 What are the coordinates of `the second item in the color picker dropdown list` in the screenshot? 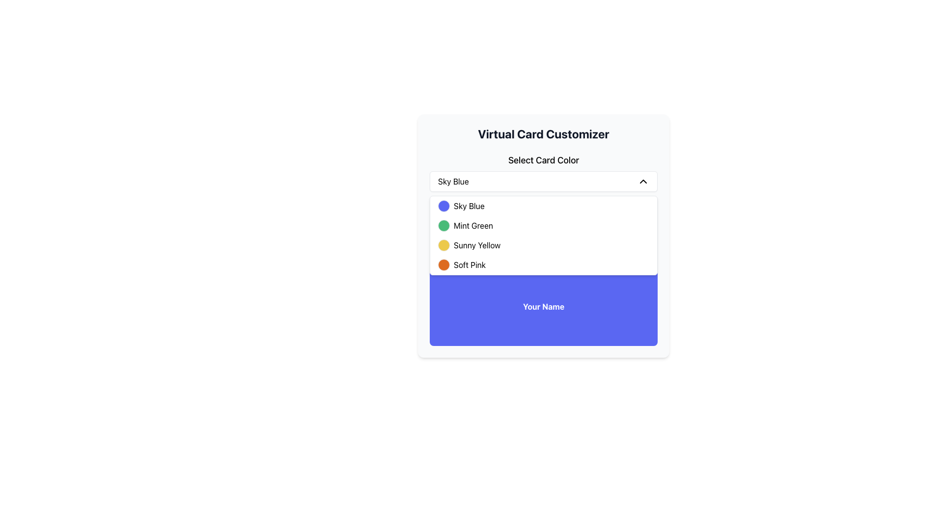 It's located at (543, 225).